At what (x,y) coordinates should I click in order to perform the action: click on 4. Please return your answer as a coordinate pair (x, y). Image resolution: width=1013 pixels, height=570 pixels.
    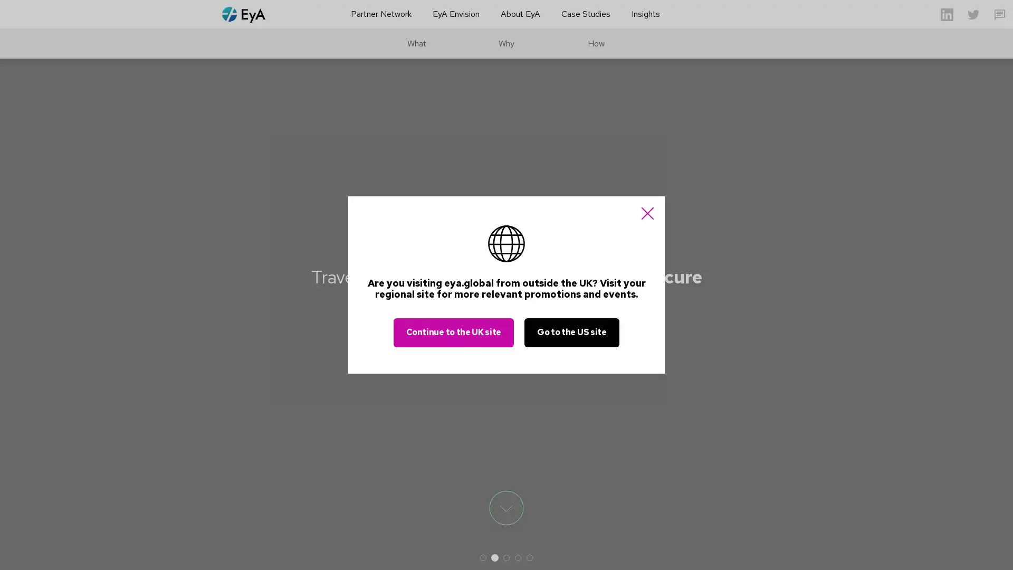
    Looking at the image, I should click on (518, 557).